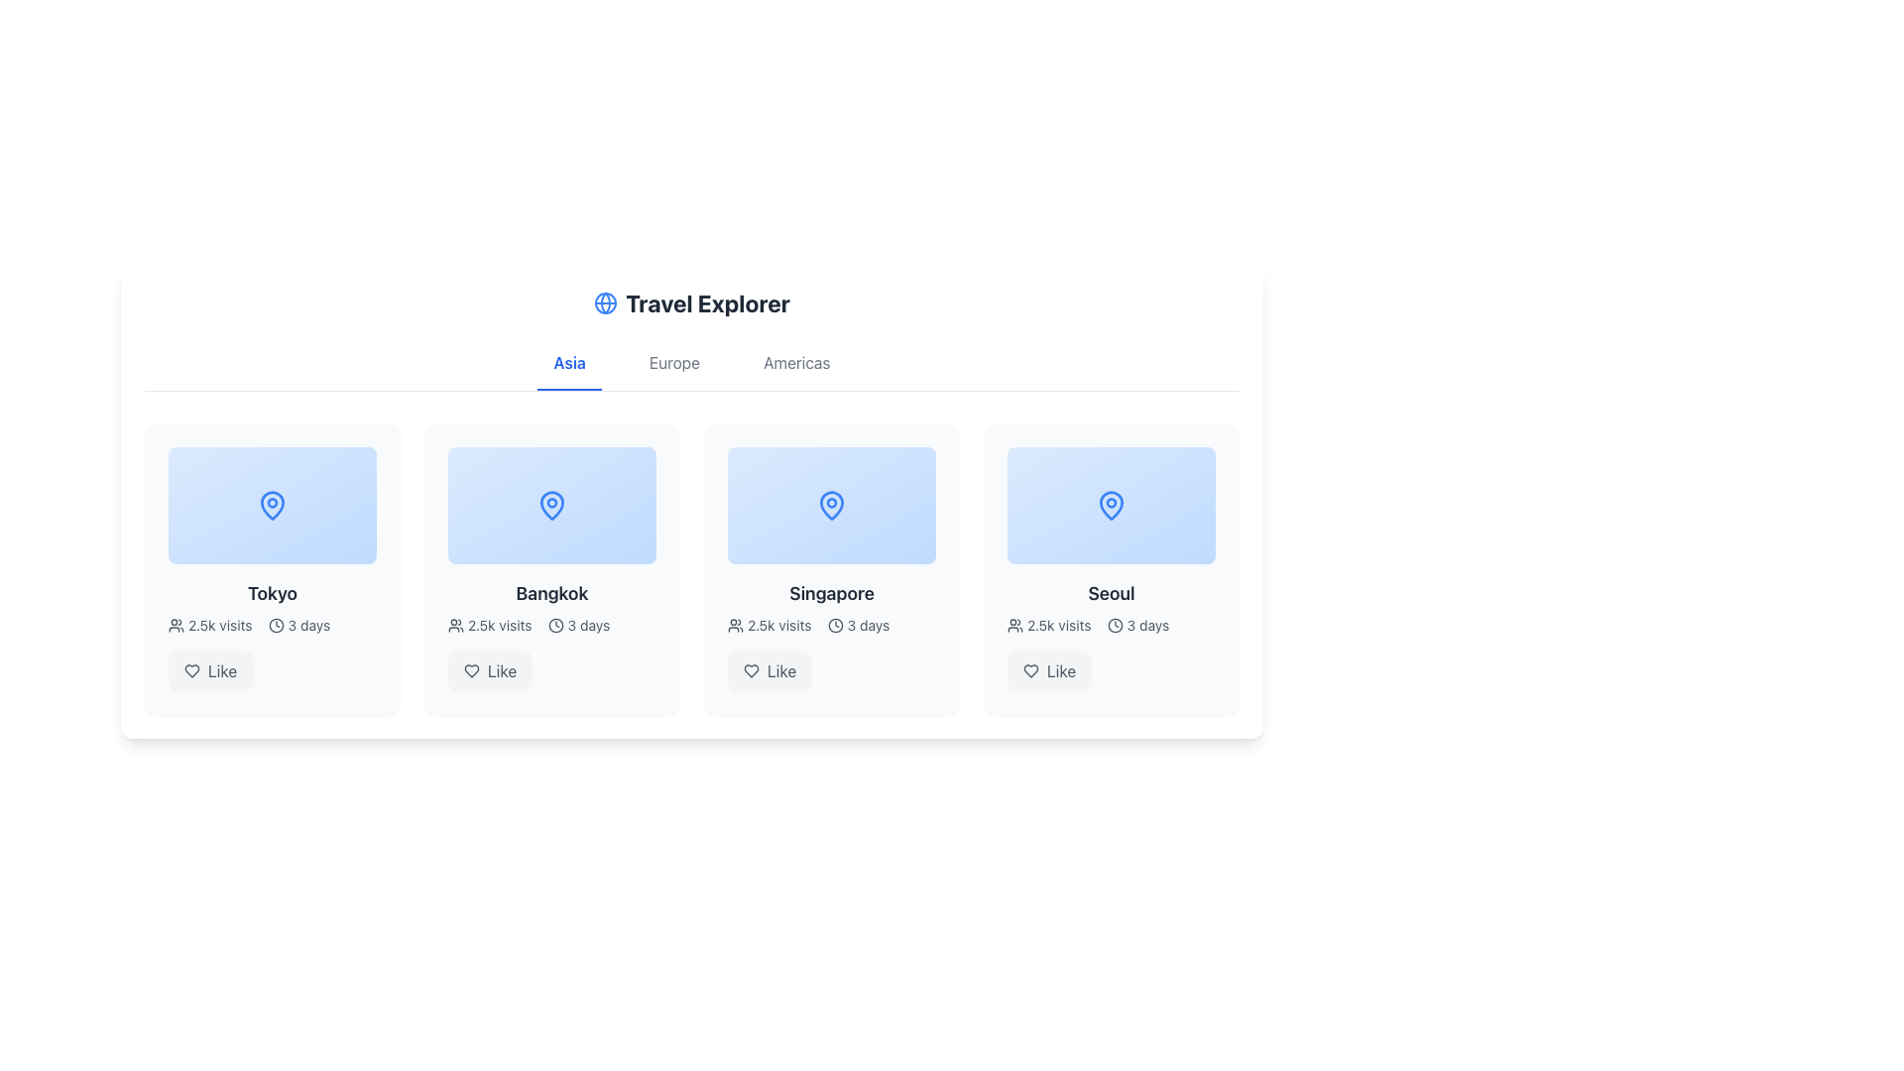 The image size is (1904, 1071). What do you see at coordinates (297, 626) in the screenshot?
I see `the compact text indicator displaying '3 days,' which is located within the 'Tokyo' card, underneath the '2.5k visits' text and alongside a heart-shaped 'Like' button` at bounding box center [297, 626].